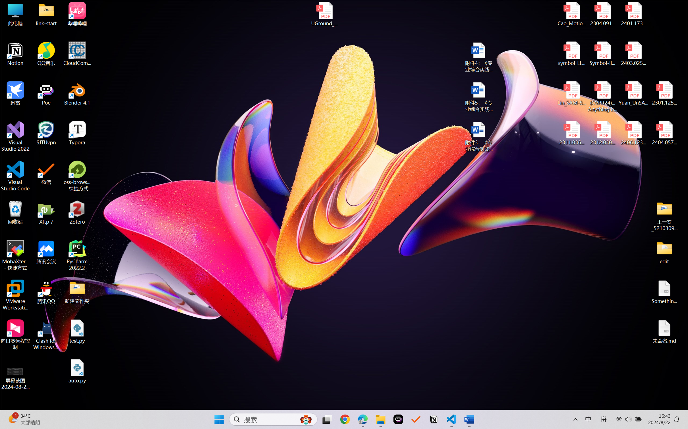  I want to click on 'Something.md', so click(664, 292).